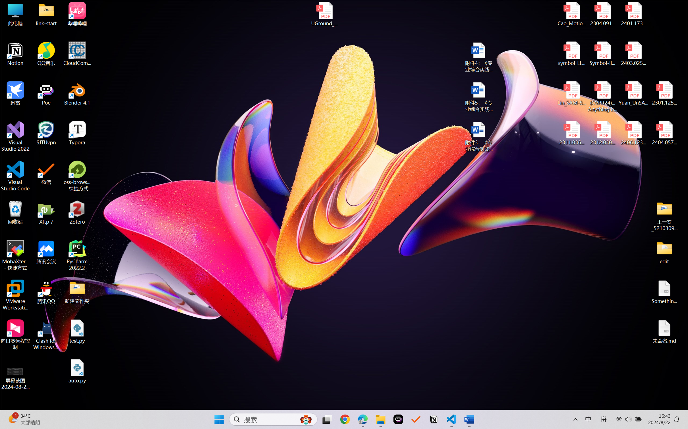  I want to click on 'Something.md', so click(664, 292).